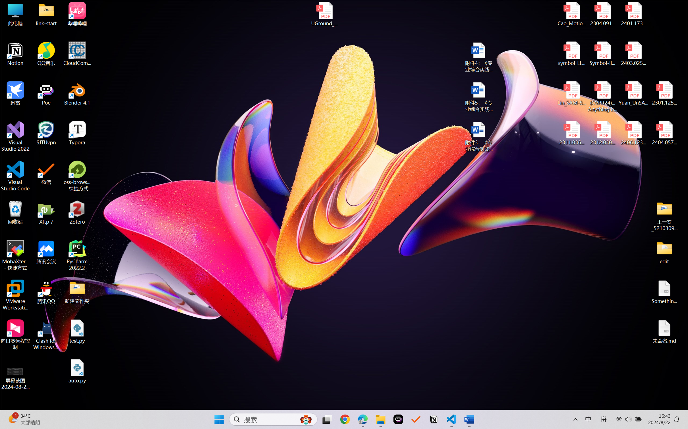  I want to click on 'Something.md', so click(664, 292).